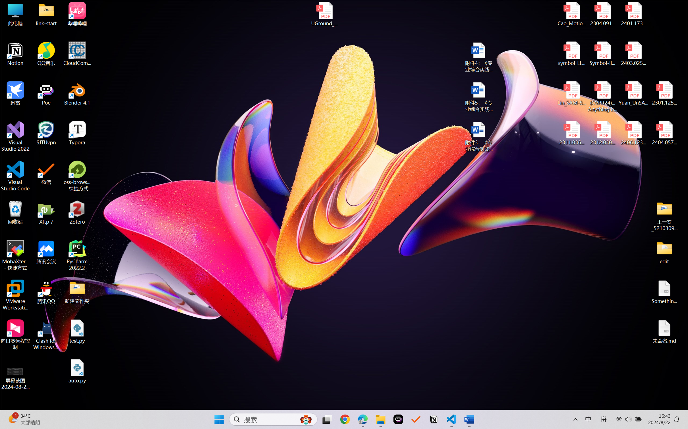  I want to click on 'Something.md', so click(664, 292).